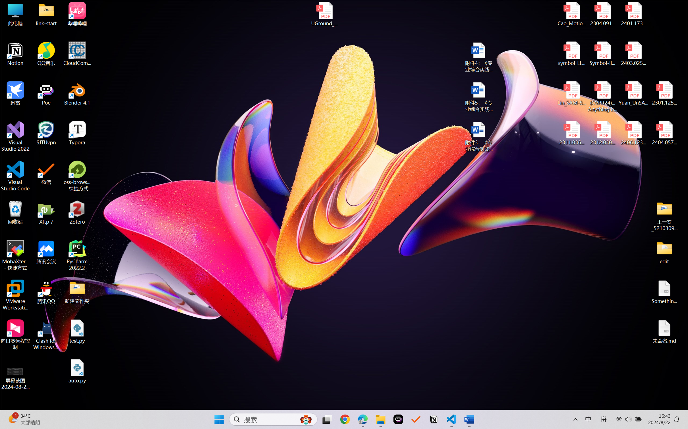  I want to click on 'Something.md', so click(664, 292).